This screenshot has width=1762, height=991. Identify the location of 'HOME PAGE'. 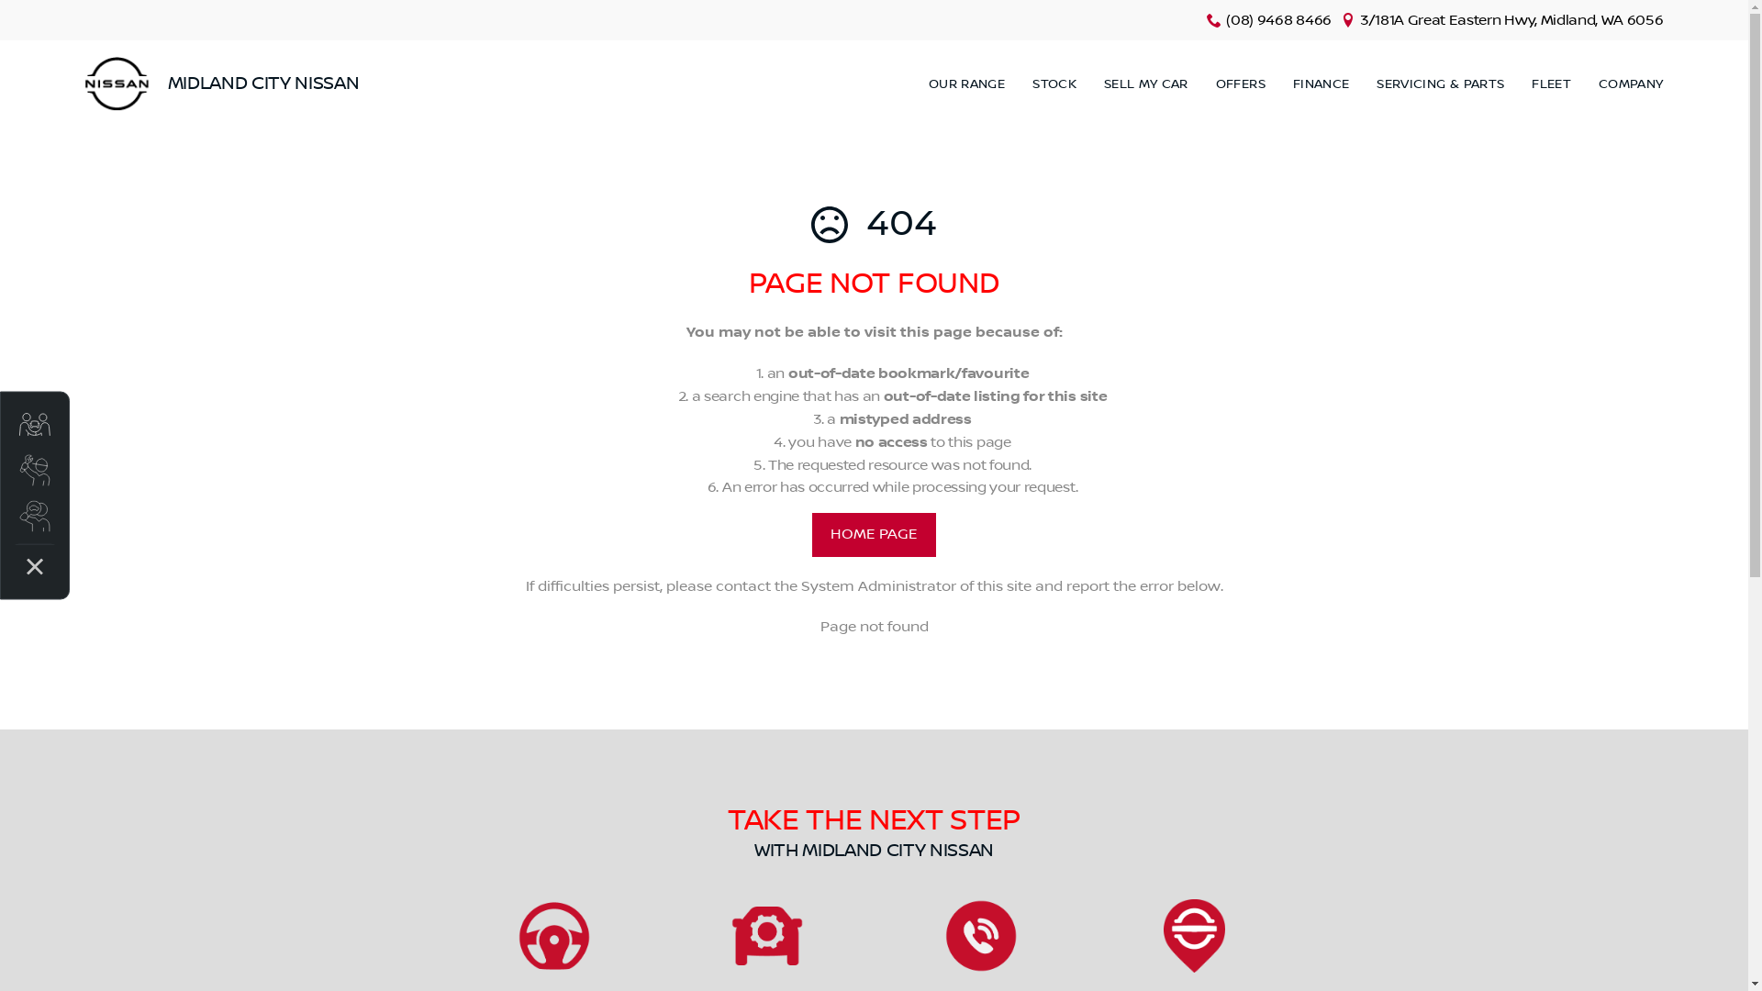
(873, 534).